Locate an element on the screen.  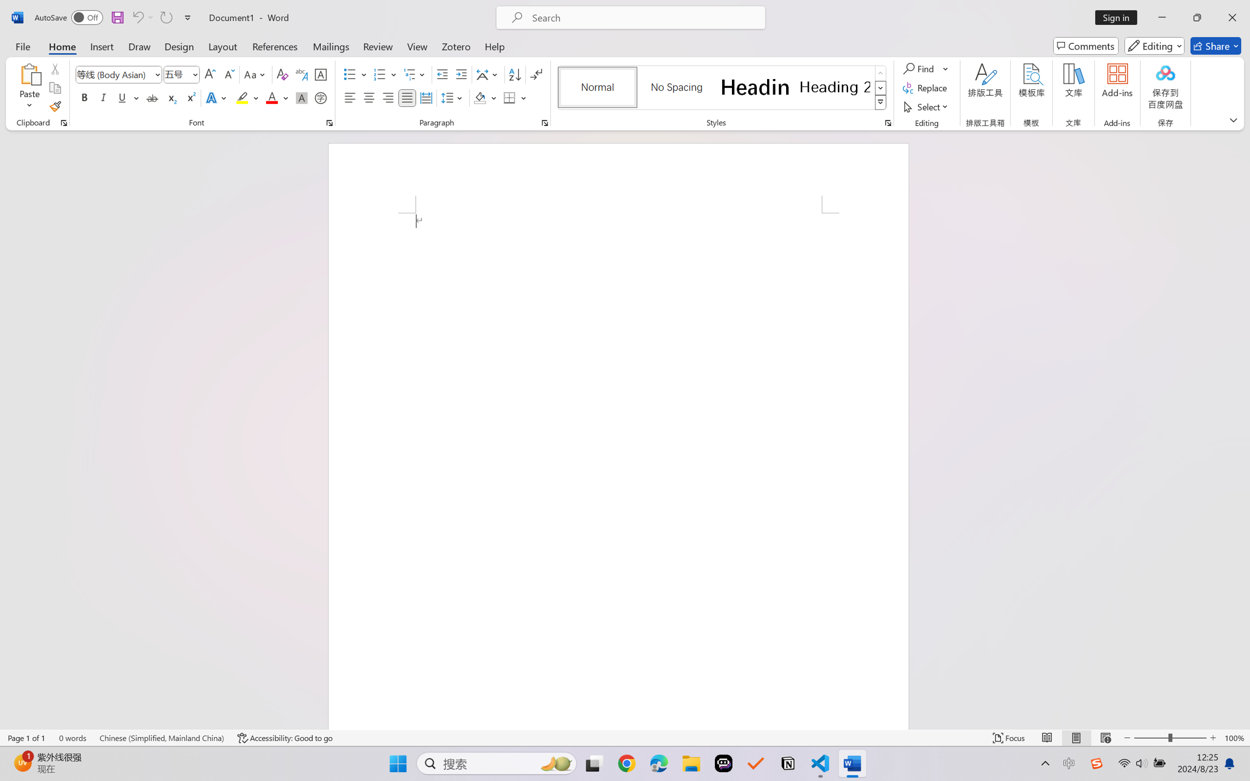
'Can' is located at coordinates (142, 17).